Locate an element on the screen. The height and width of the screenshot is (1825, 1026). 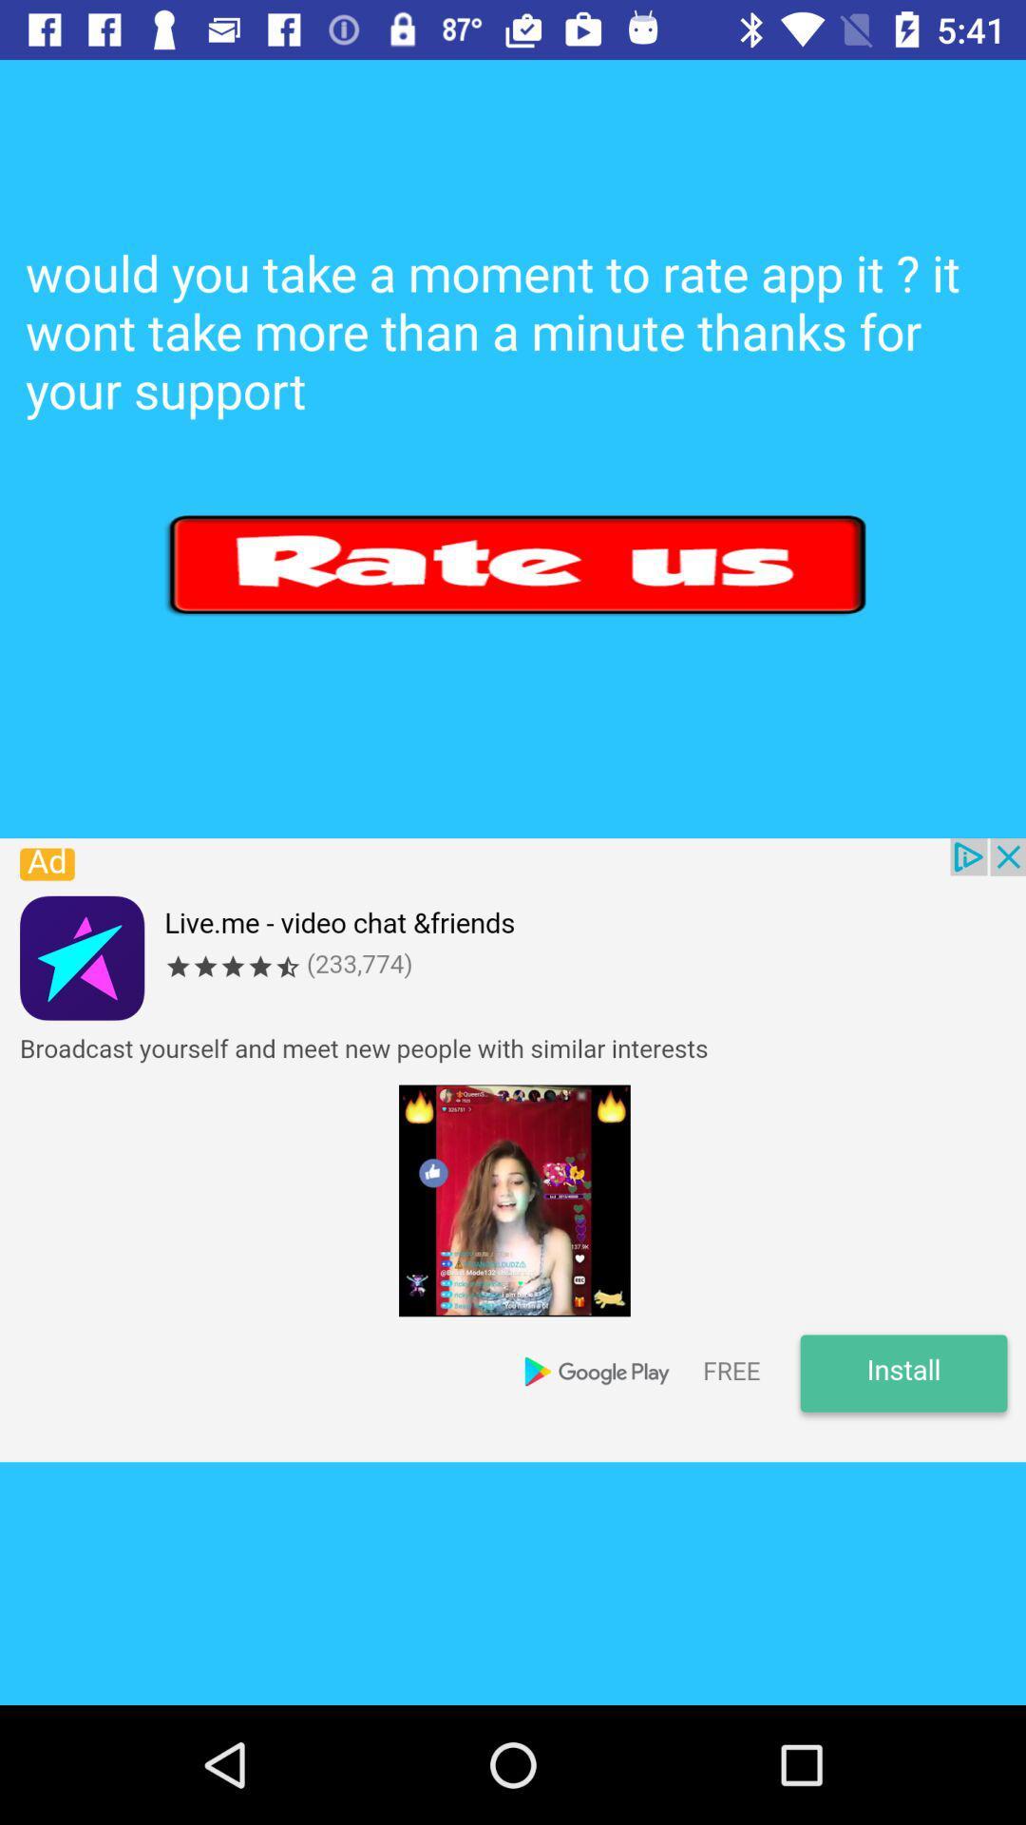
advertisement banner is located at coordinates (513, 1149).